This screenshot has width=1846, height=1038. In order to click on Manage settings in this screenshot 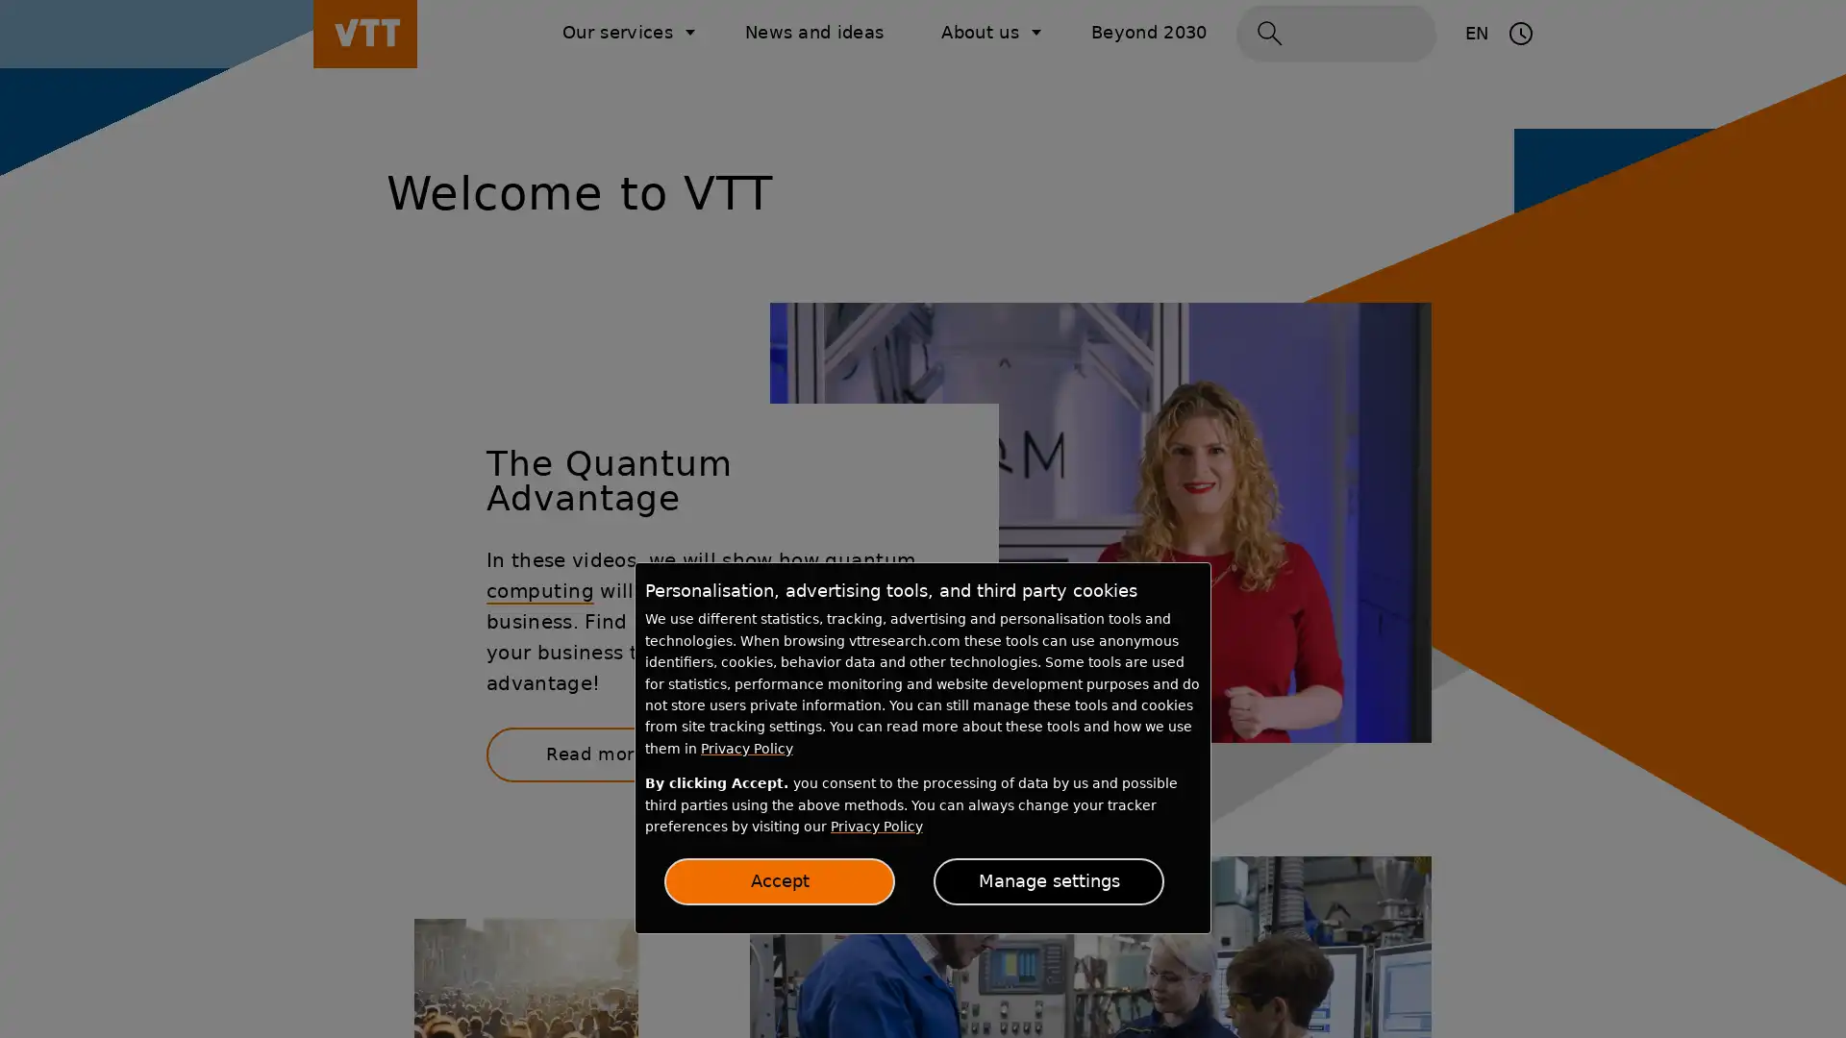, I will do `click(1047, 881)`.